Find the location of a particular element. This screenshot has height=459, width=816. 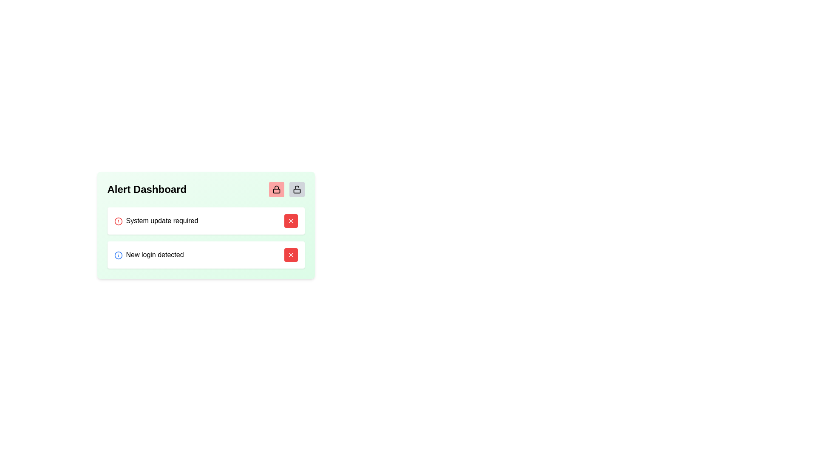

the body of the unlocked padlock icon, which is a small rectangular shape with rounded corners located within the bottom section of the padlock icon on the green card layout is located at coordinates (297, 190).